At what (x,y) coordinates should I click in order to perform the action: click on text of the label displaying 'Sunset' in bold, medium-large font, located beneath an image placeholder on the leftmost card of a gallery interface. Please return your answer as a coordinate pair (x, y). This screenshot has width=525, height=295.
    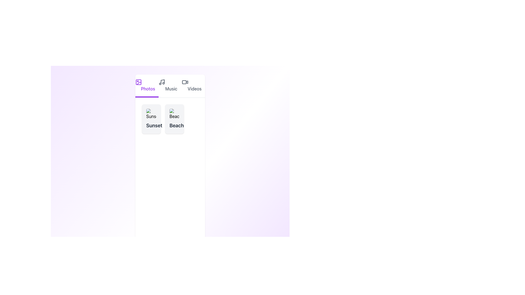
    Looking at the image, I should click on (151, 125).